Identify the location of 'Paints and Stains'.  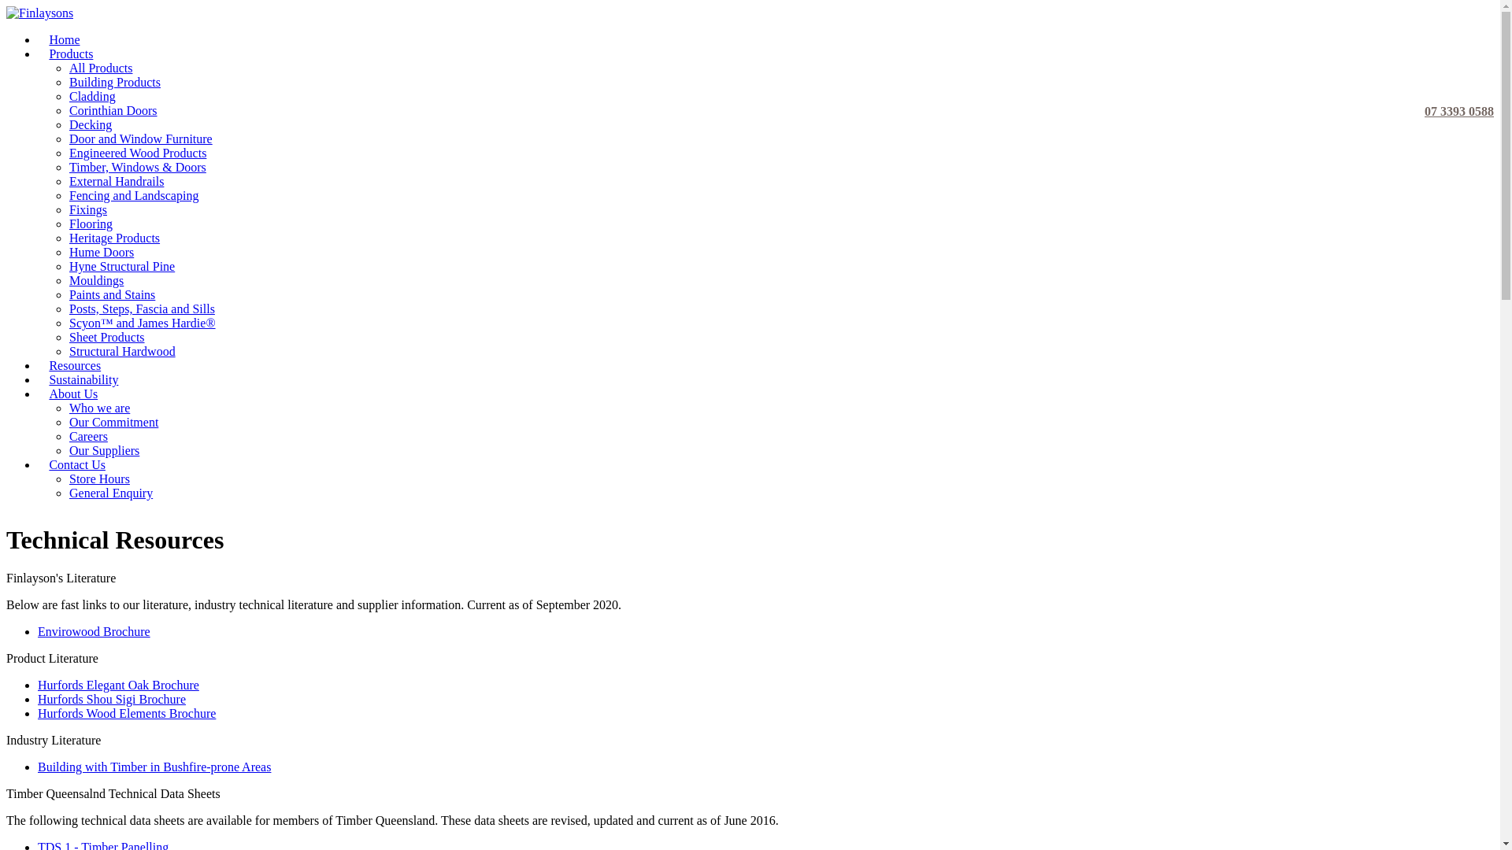
(111, 294).